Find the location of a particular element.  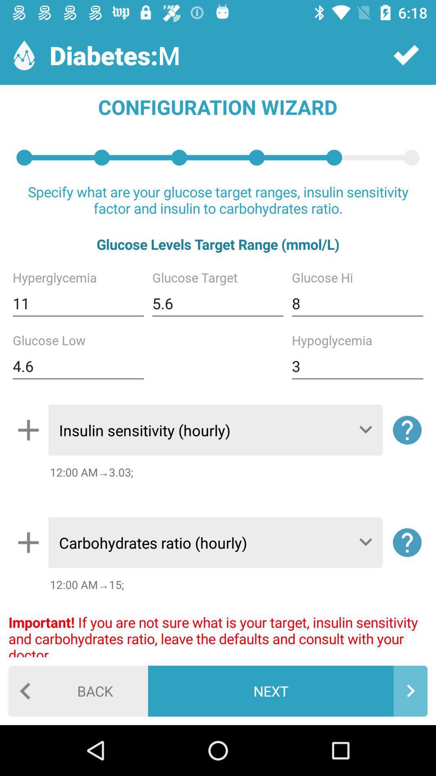

the icon to the right of back item is located at coordinates (287, 690).